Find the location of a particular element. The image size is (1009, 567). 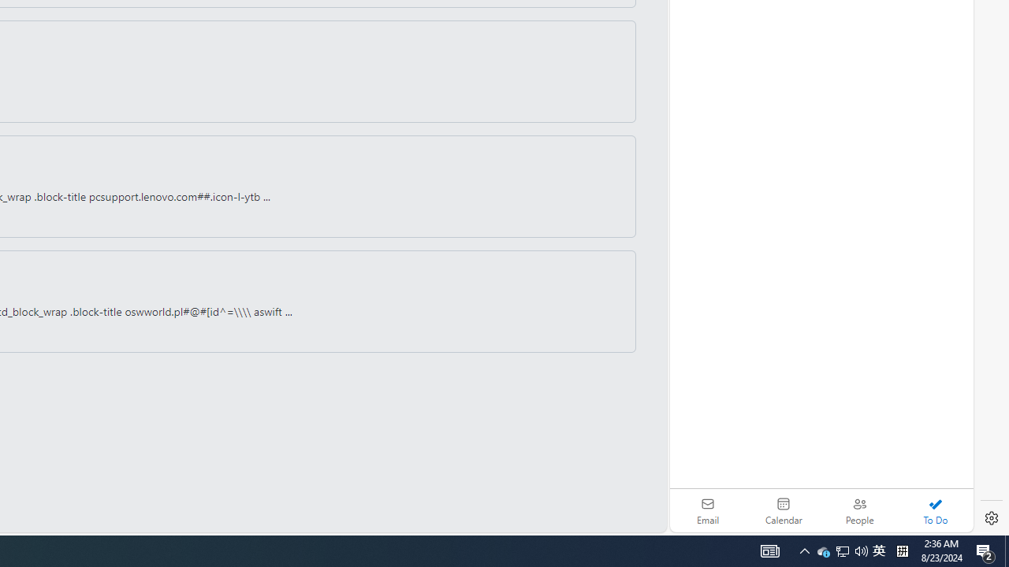

'People' is located at coordinates (858, 510).